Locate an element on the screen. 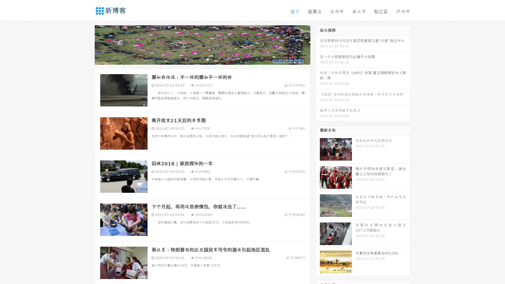 Image resolution: width=505 pixels, height=284 pixels. Previous slide is located at coordinates (87, 44).